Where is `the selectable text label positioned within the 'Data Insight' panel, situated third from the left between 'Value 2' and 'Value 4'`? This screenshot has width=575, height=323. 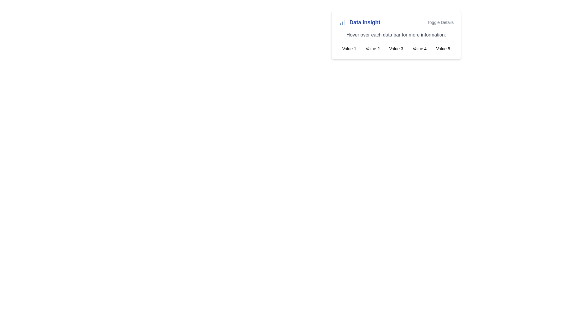 the selectable text label positioned within the 'Data Insight' panel, situated third from the left between 'Value 2' and 'Value 4' is located at coordinates (396, 48).